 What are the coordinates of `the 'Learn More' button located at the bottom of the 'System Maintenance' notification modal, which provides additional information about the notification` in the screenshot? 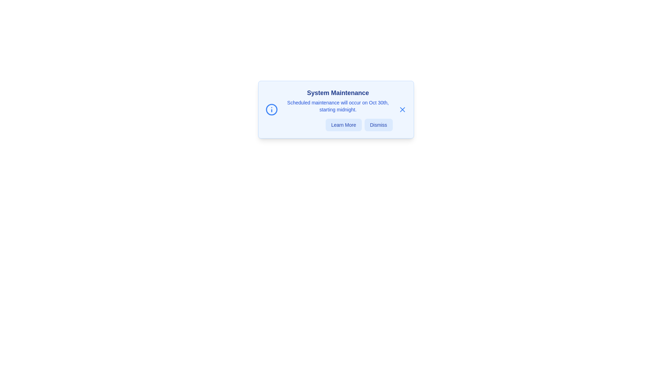 It's located at (338, 124).